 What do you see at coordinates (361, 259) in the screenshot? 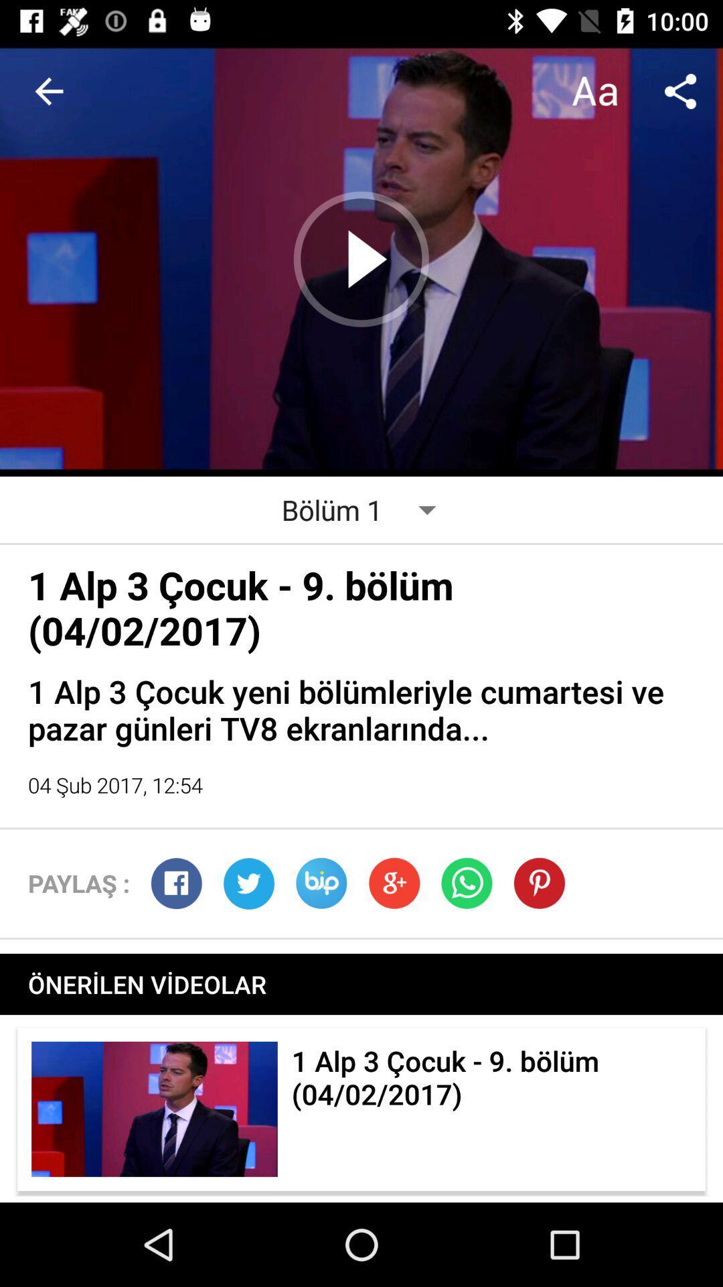
I see `the play icon` at bounding box center [361, 259].